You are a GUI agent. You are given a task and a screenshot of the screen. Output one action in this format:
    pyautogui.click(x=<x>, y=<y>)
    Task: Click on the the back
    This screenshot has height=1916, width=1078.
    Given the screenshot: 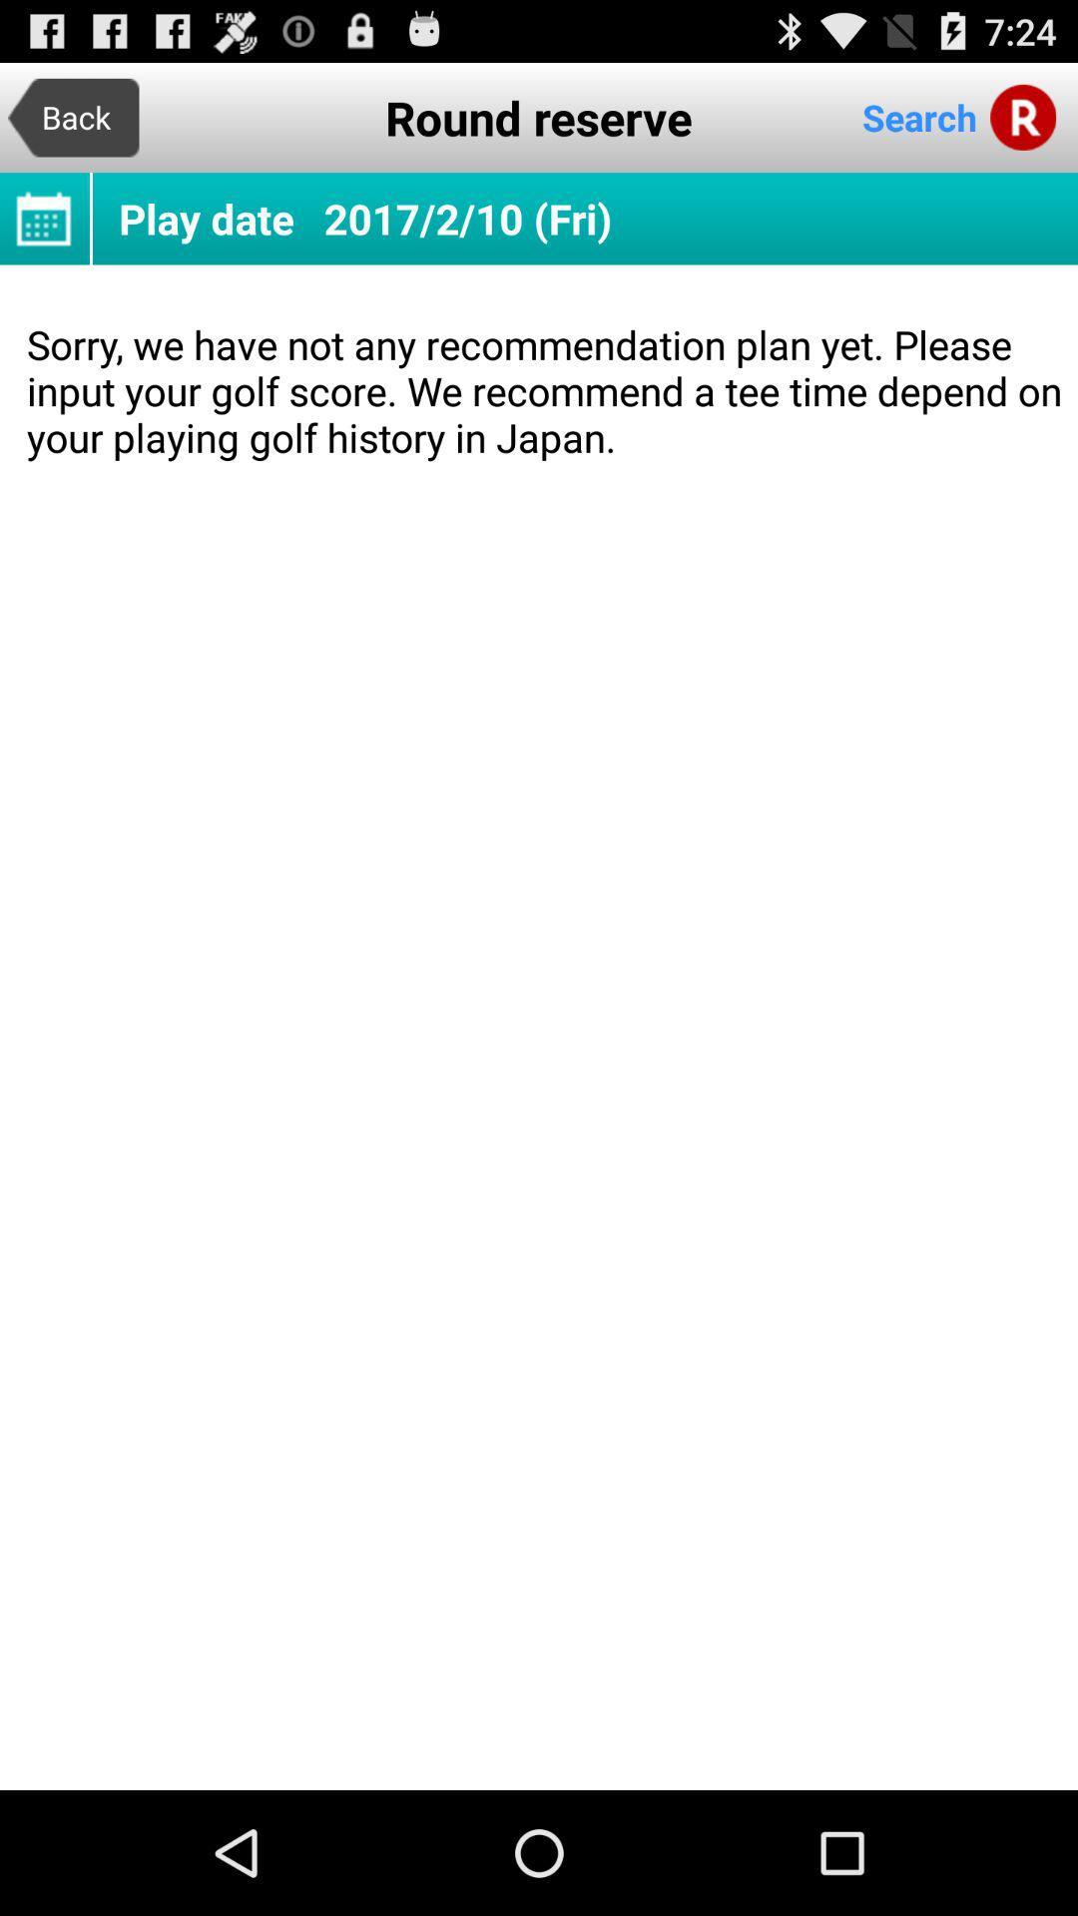 What is the action you would take?
    pyautogui.click(x=72, y=117)
    